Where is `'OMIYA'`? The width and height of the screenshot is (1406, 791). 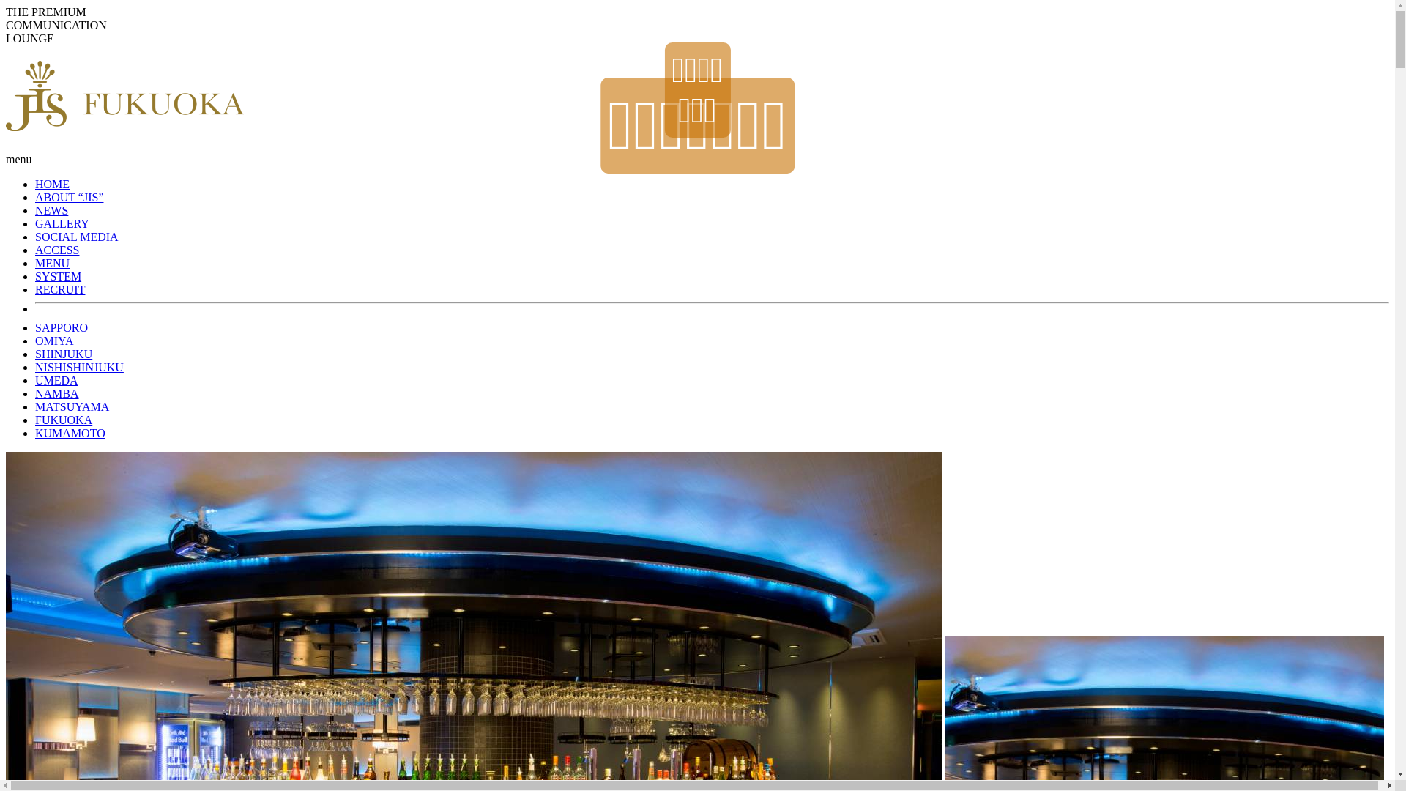 'OMIYA' is located at coordinates (53, 341).